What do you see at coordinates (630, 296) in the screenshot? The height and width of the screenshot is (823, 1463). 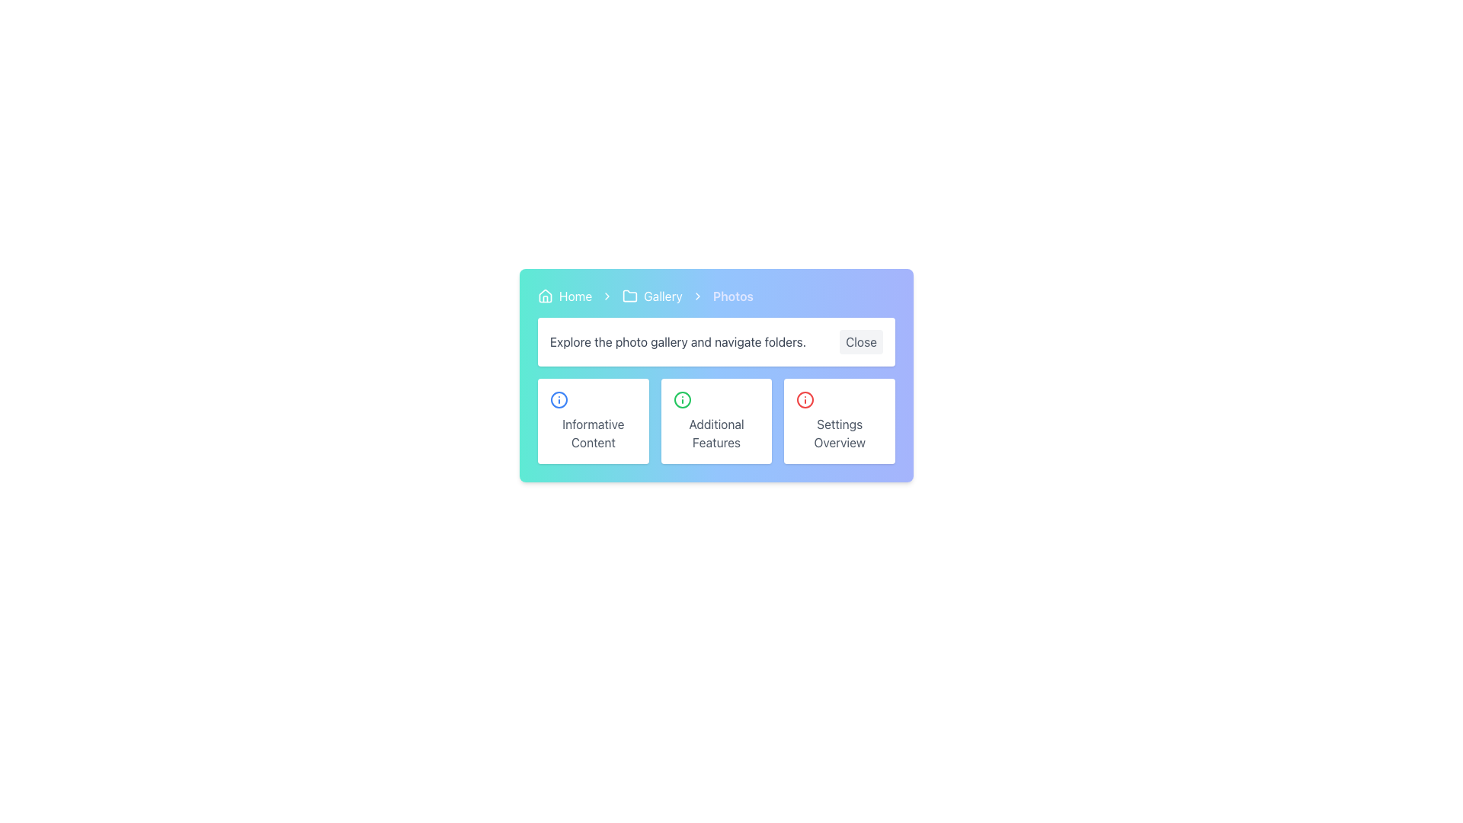 I see `the folder icon located directly to the left of the 'Gallery' text in the breadcrumb navigation bar` at bounding box center [630, 296].